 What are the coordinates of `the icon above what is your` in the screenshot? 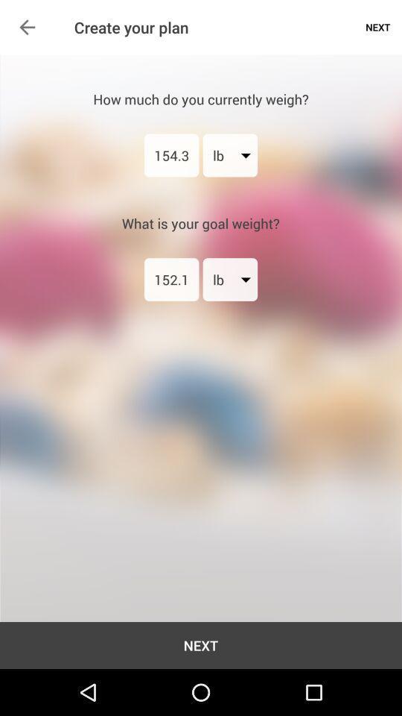 It's located at (170, 155).